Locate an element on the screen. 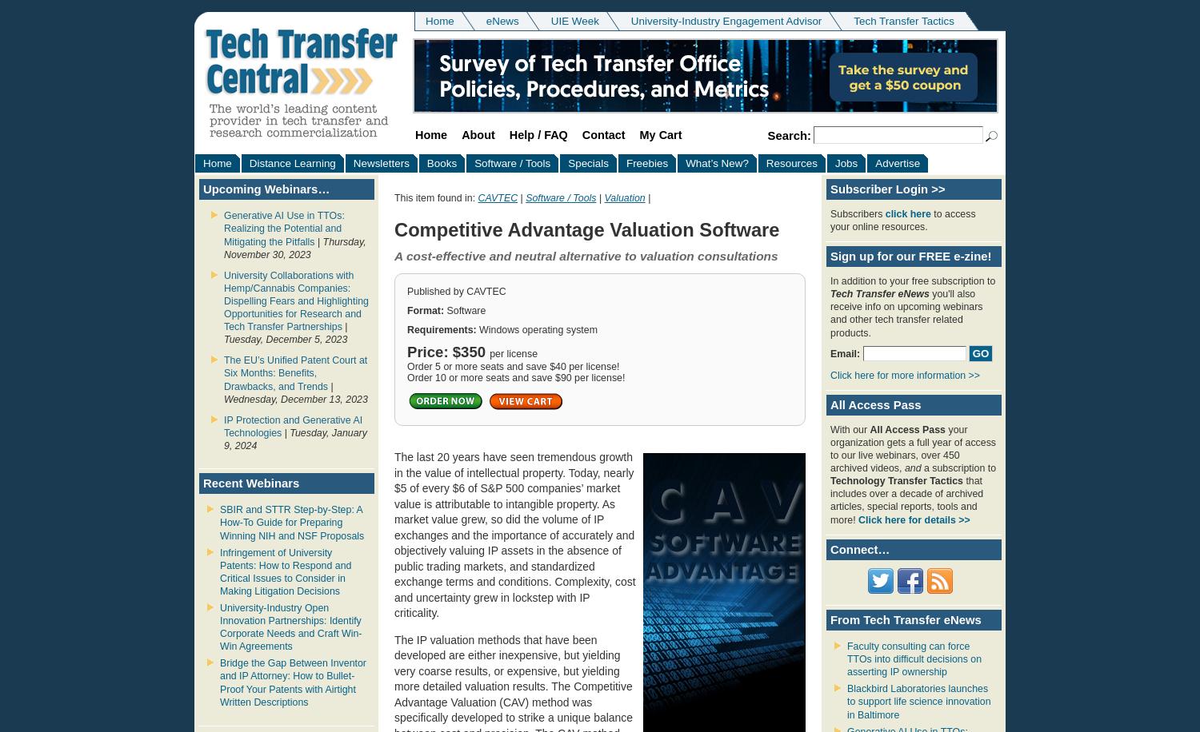 The width and height of the screenshot is (1200, 732). 'Search:' is located at coordinates (788, 136).